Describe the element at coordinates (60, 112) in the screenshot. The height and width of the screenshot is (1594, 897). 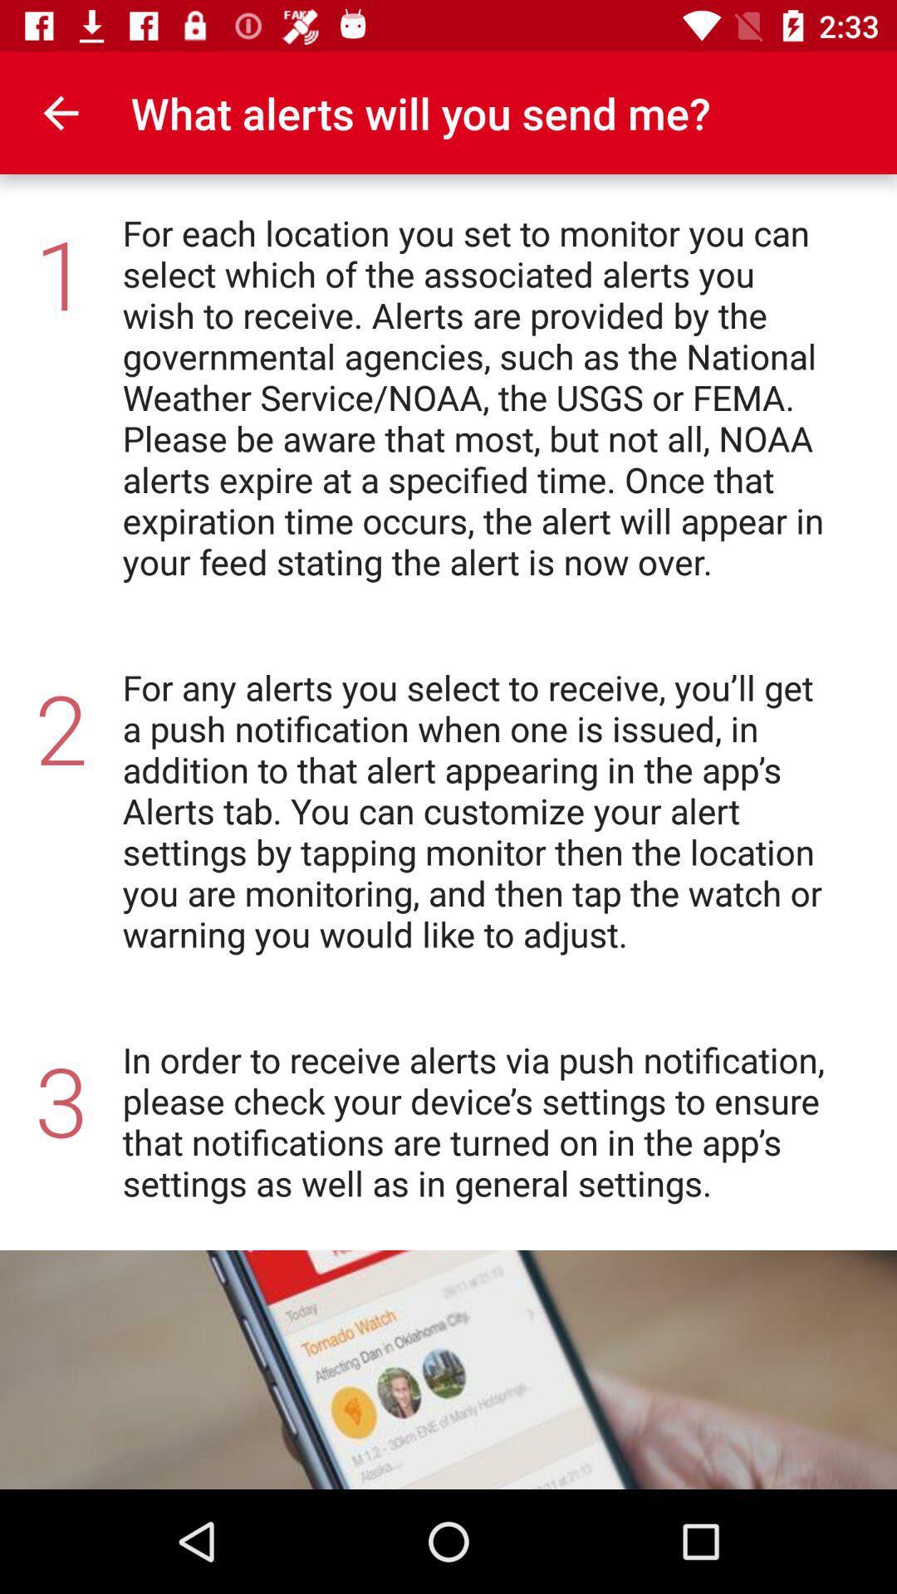
I see `icon to the left of what alerts will icon` at that location.